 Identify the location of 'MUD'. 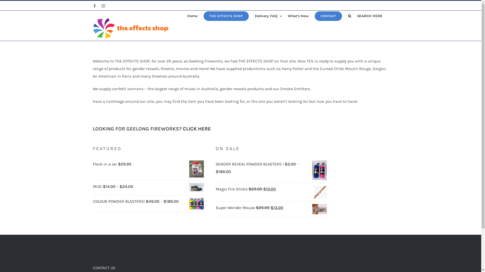
(98, 186).